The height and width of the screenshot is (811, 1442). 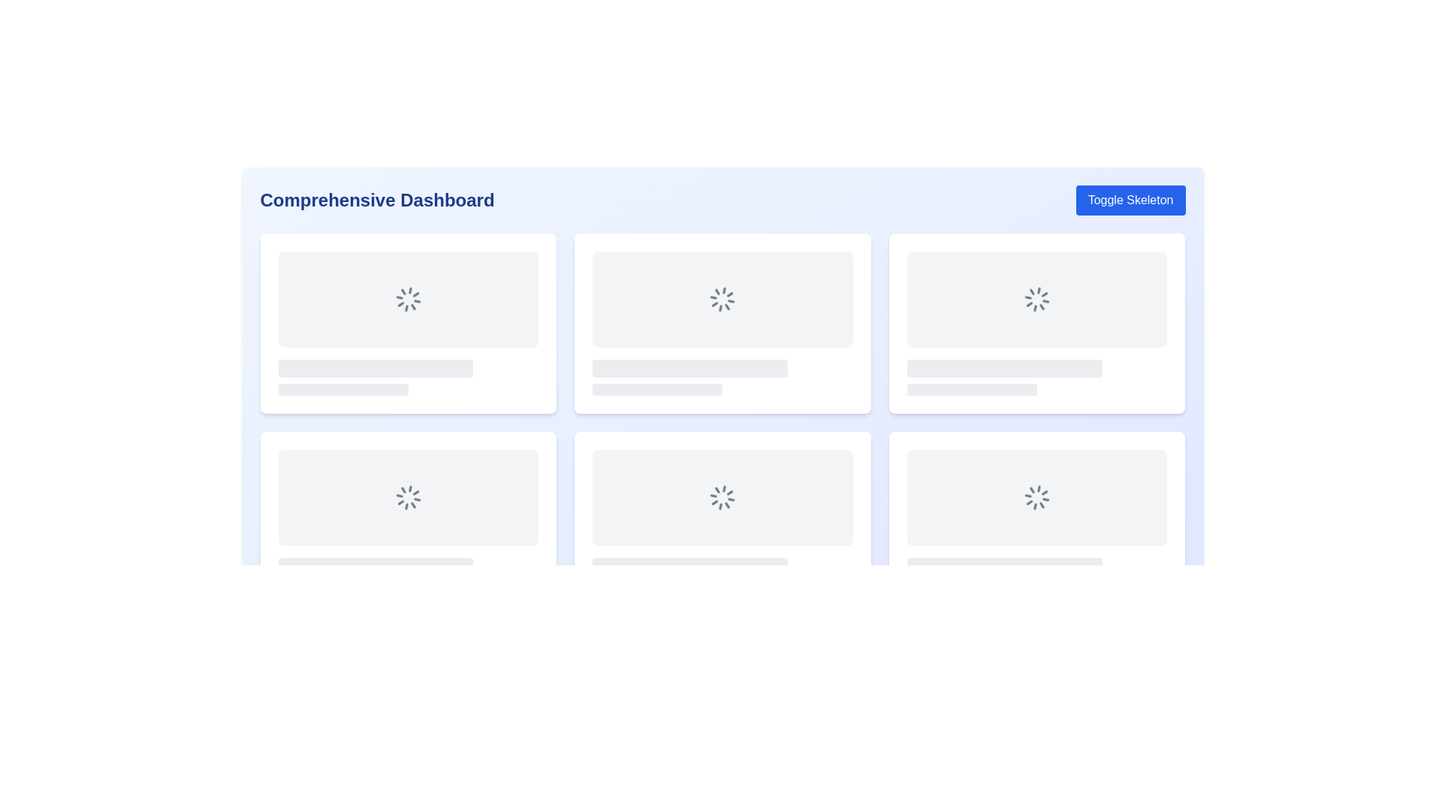 I want to click on the Loading Placeholder with Spinner, which is located in the second row and second column of the 3x2 grid layout, below the 'Comprehensive Dashboard' top bar, so click(x=723, y=520).